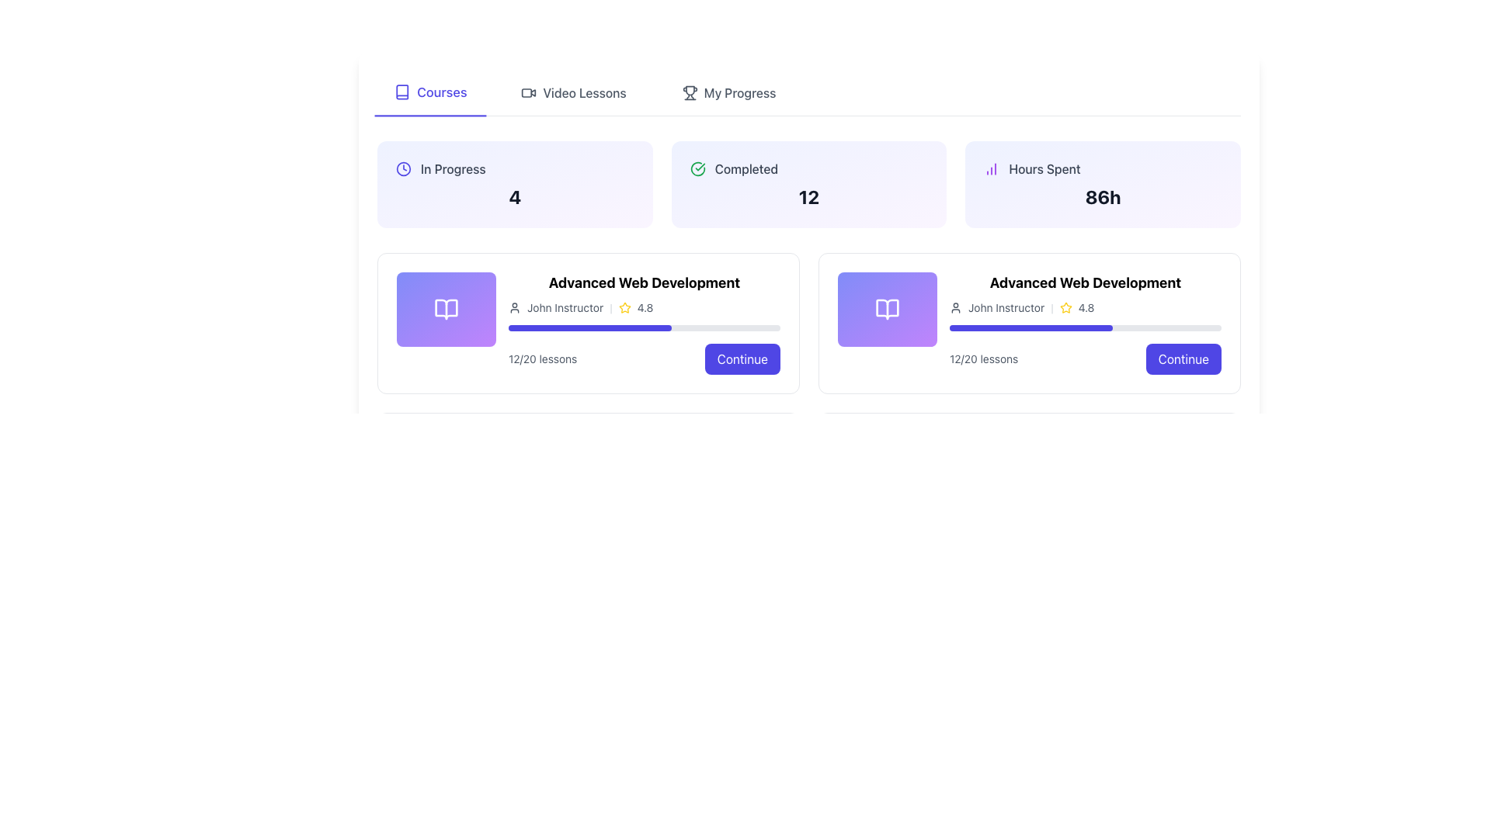 The width and height of the screenshot is (1491, 838). What do you see at coordinates (529, 92) in the screenshot?
I see `the 'Video Lessons' icon located in the navigation bar` at bounding box center [529, 92].